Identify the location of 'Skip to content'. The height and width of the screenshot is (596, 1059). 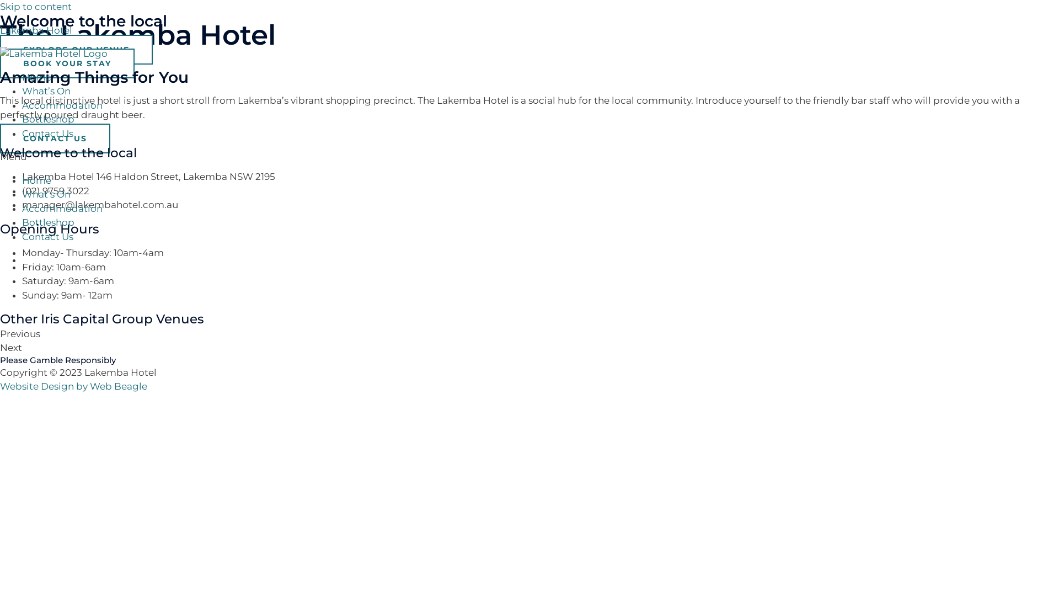
(0, 6).